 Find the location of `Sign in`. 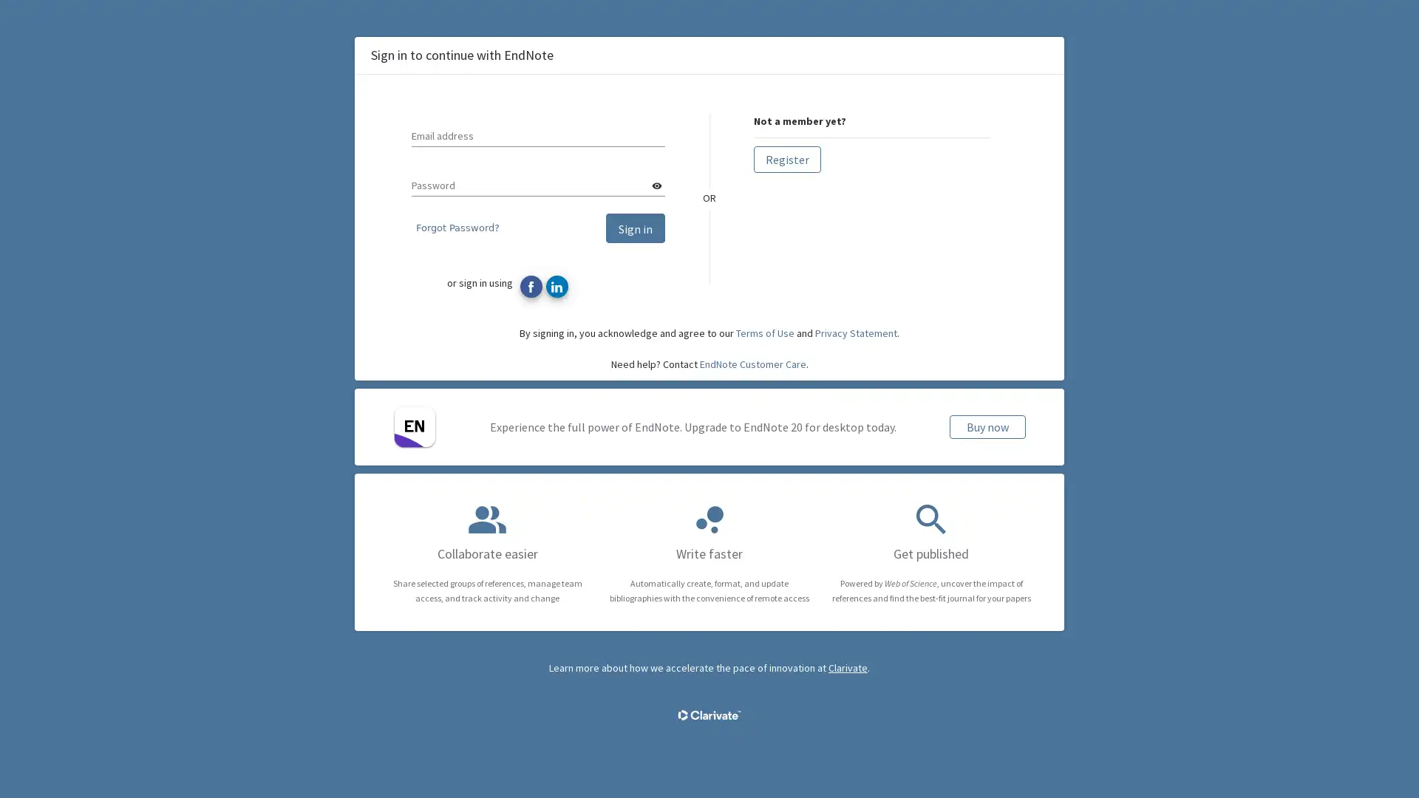

Sign in is located at coordinates (635, 228).